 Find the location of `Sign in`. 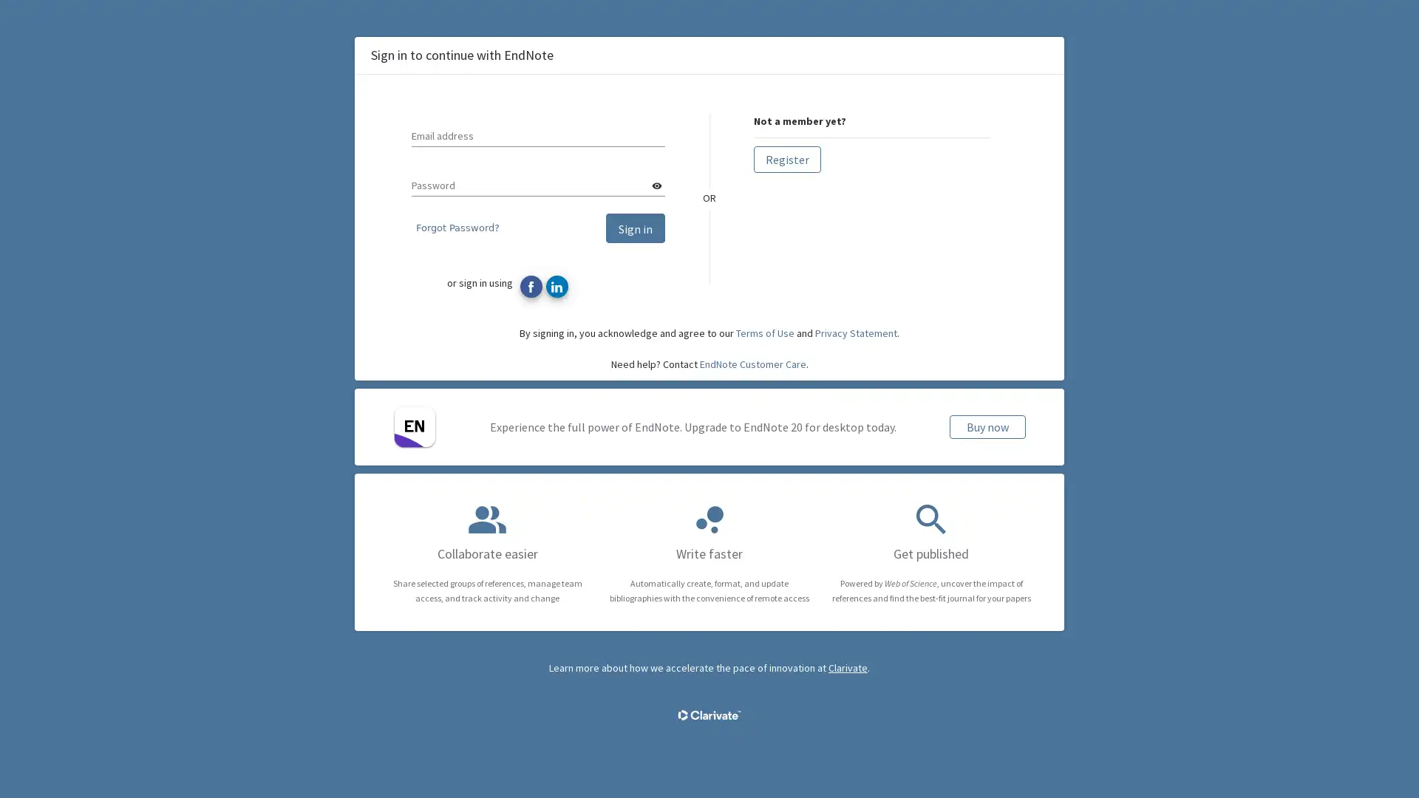

Sign in is located at coordinates (635, 228).